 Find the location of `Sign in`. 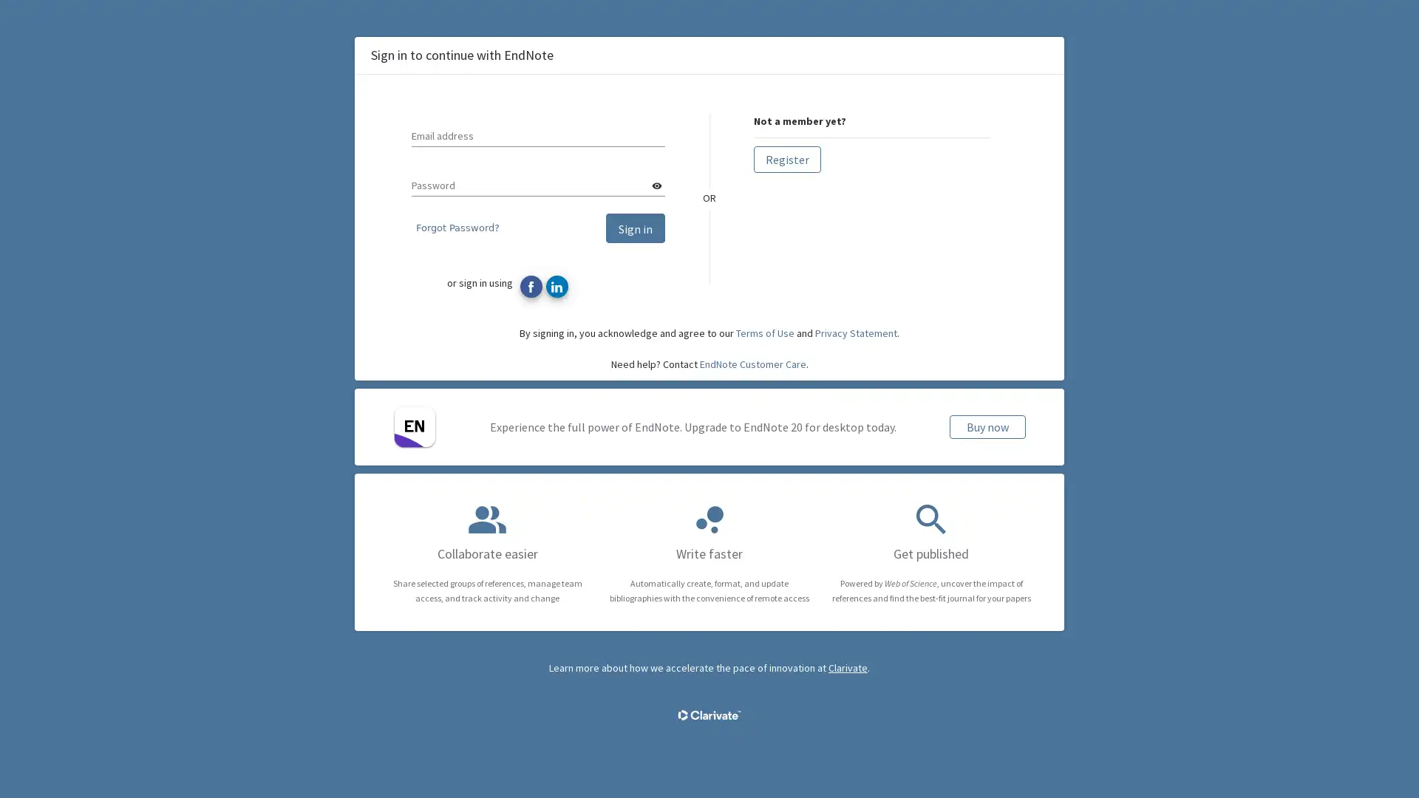

Sign in is located at coordinates (635, 228).